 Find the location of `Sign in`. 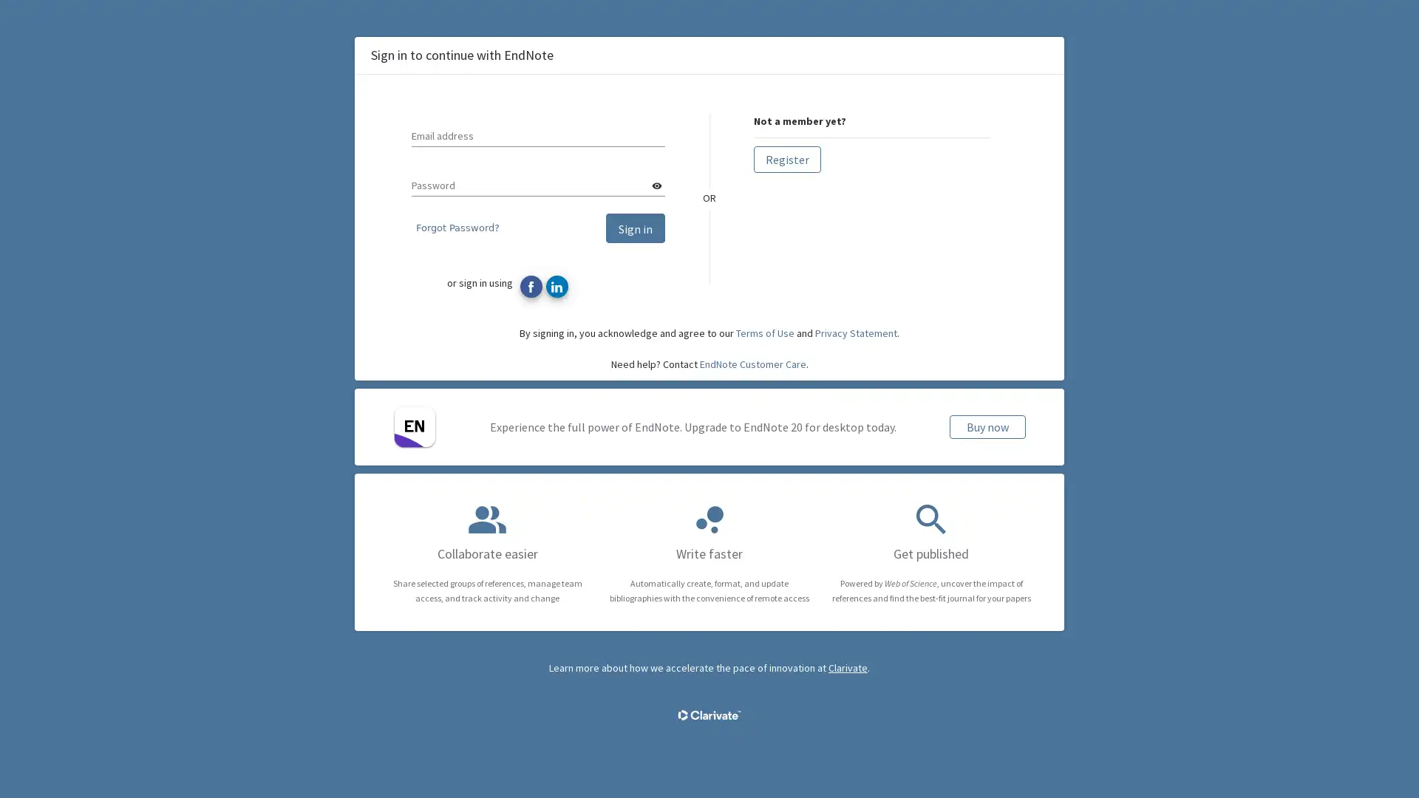

Sign in is located at coordinates (635, 228).